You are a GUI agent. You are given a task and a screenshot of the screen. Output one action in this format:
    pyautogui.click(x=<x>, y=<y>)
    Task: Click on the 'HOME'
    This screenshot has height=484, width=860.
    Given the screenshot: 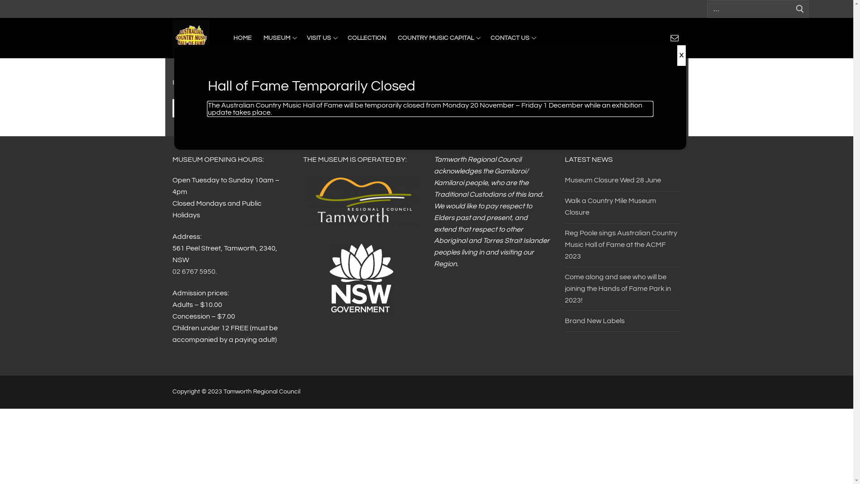 What is the action you would take?
    pyautogui.click(x=242, y=38)
    